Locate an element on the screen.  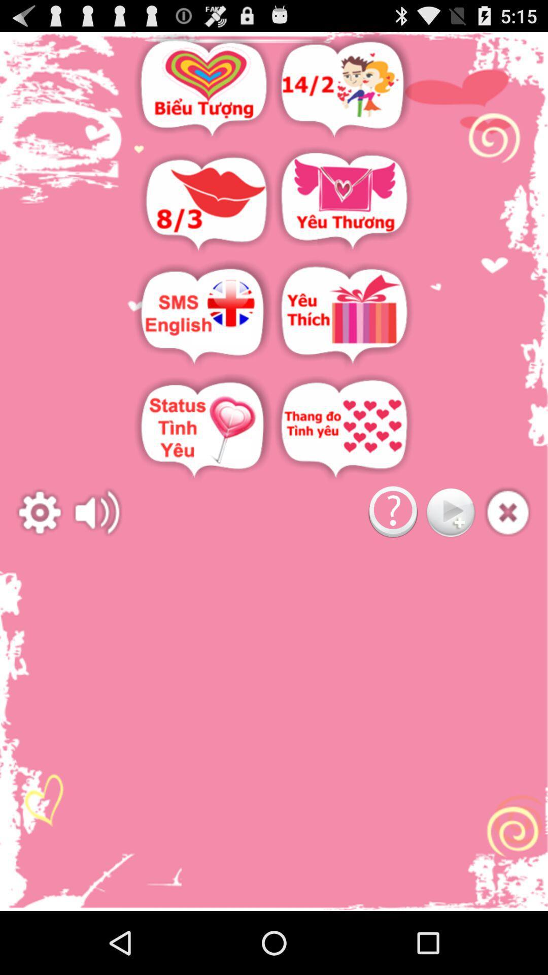
open gift list menu is located at coordinates (344, 315).